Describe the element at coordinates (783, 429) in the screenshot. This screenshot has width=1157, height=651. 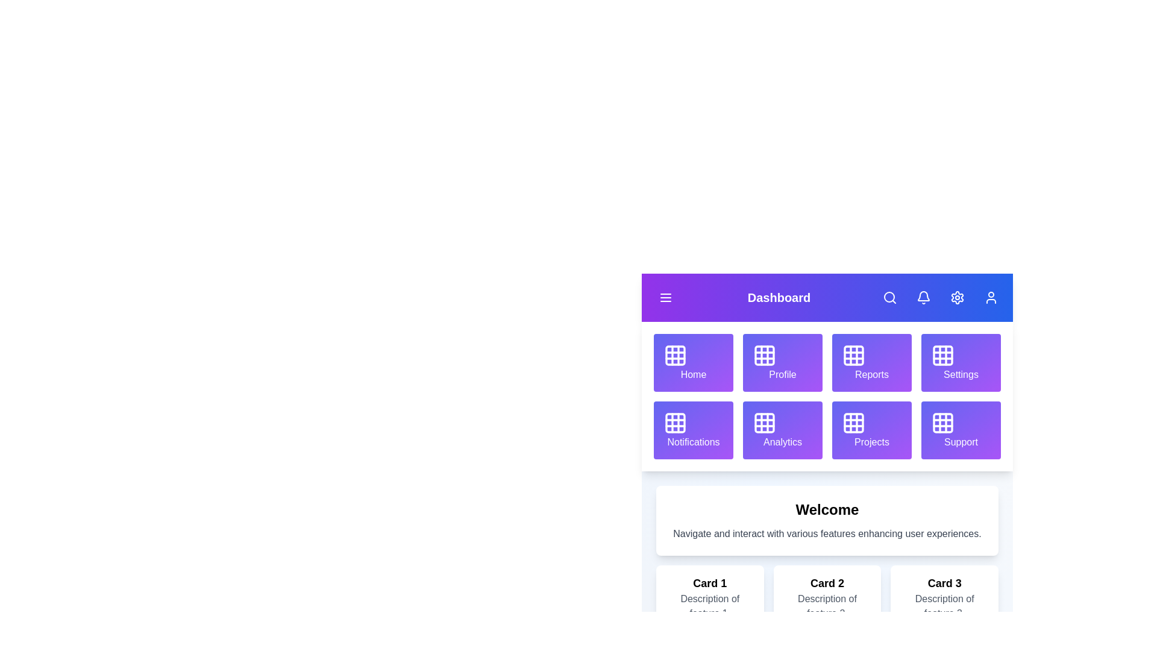
I see `the grid item labeled Analytics to navigate to its section` at that location.